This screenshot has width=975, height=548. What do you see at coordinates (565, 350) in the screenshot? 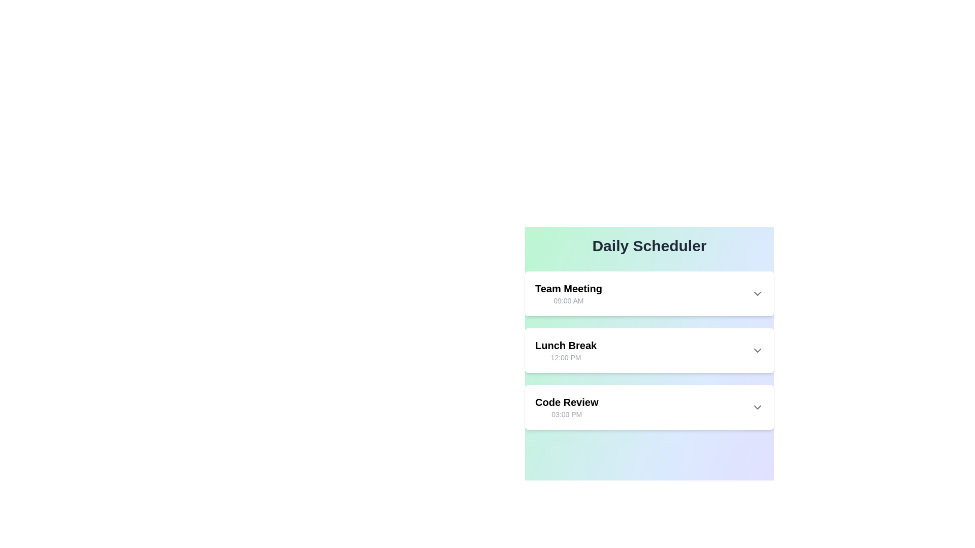
I see `the text label that indicates 'Lunch Break' scheduled for '12:00 PM', which is positioned between 'Team Meeting' and 'Code Review'` at bounding box center [565, 350].